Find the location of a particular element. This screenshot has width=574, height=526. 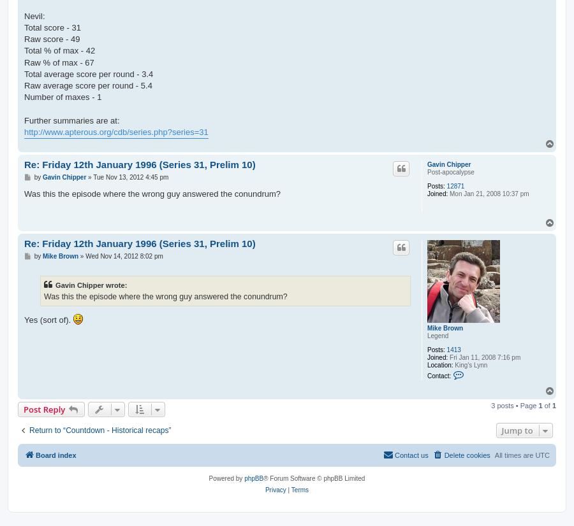

'1413' is located at coordinates (453, 349).